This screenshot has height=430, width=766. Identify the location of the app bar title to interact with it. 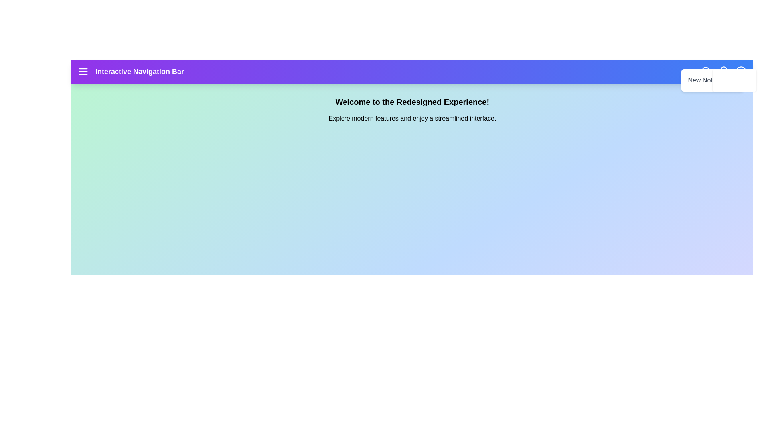
(140, 72).